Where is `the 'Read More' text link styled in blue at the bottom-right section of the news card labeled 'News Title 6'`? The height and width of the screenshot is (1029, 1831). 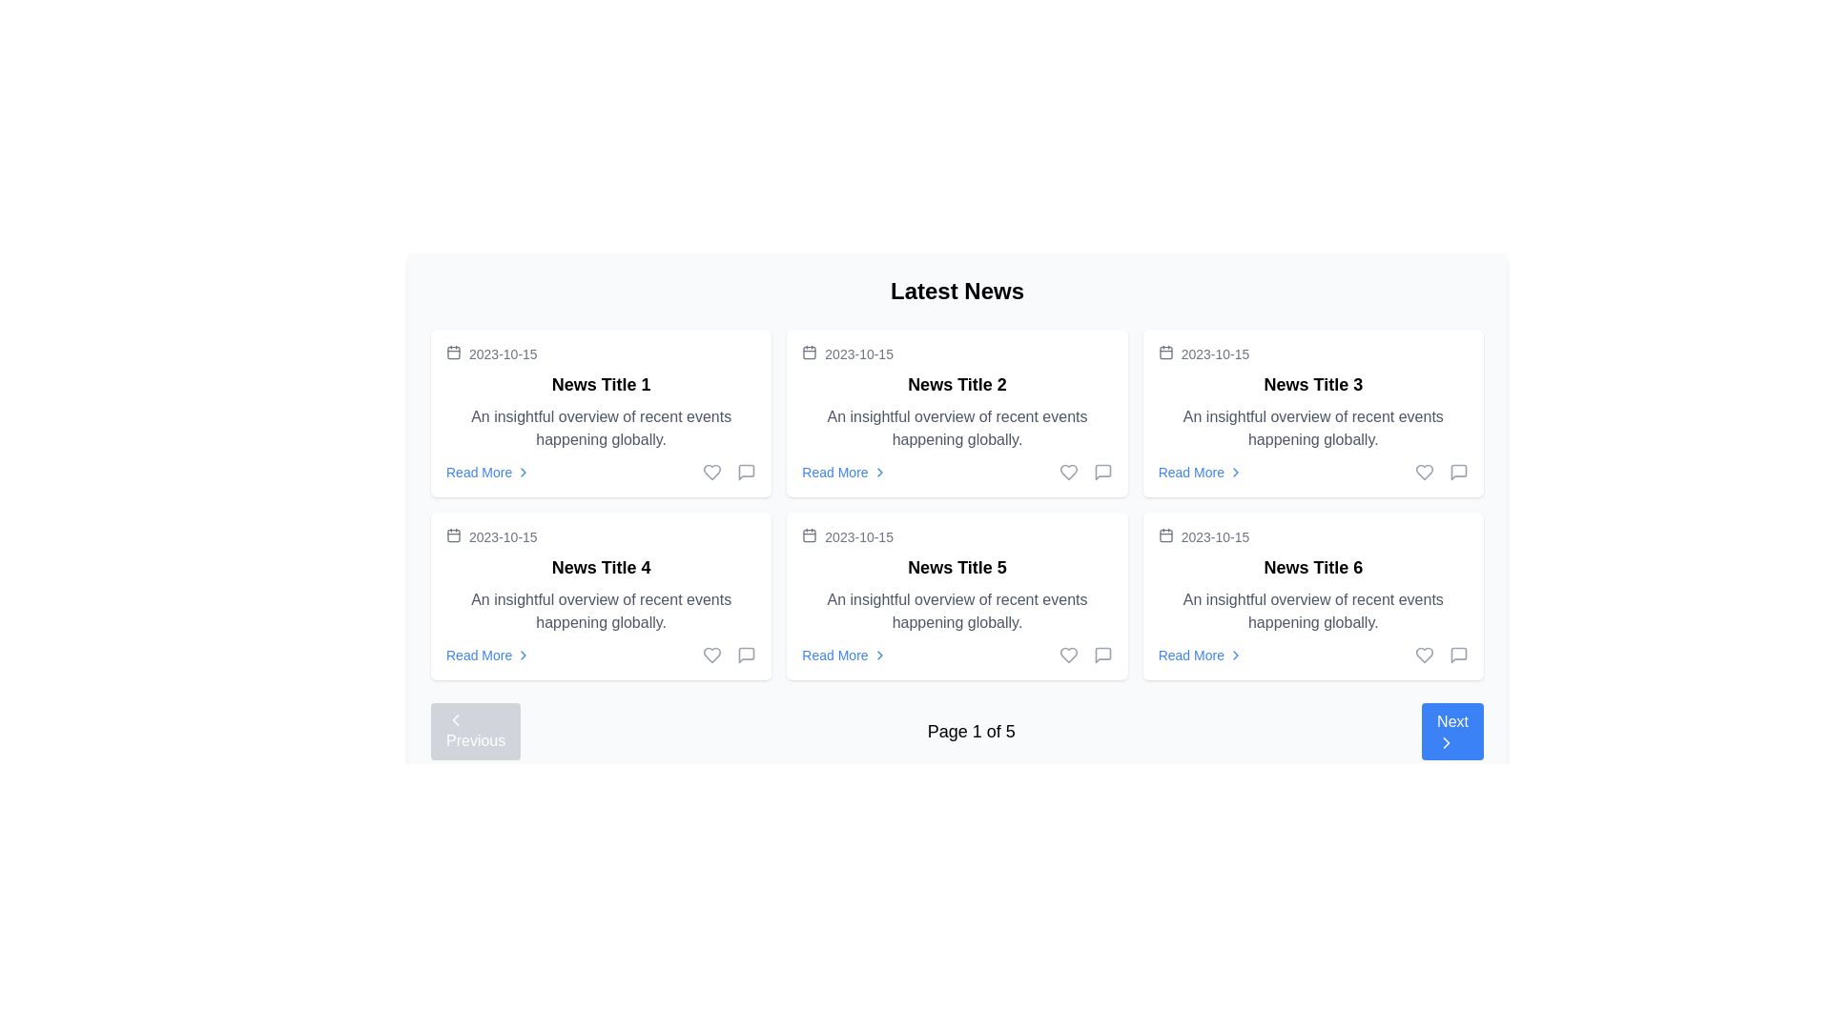 the 'Read More' text link styled in blue at the bottom-right section of the news card labeled 'News Title 6' is located at coordinates (1190, 654).